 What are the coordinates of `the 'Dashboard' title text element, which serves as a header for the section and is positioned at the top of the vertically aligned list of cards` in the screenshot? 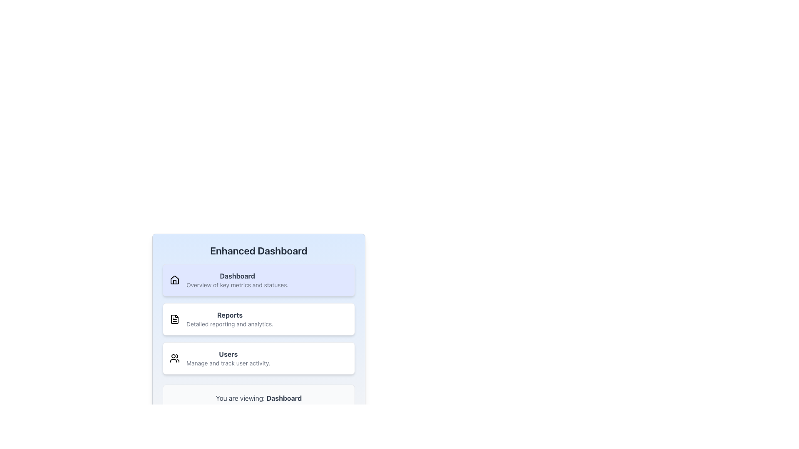 It's located at (237, 276).